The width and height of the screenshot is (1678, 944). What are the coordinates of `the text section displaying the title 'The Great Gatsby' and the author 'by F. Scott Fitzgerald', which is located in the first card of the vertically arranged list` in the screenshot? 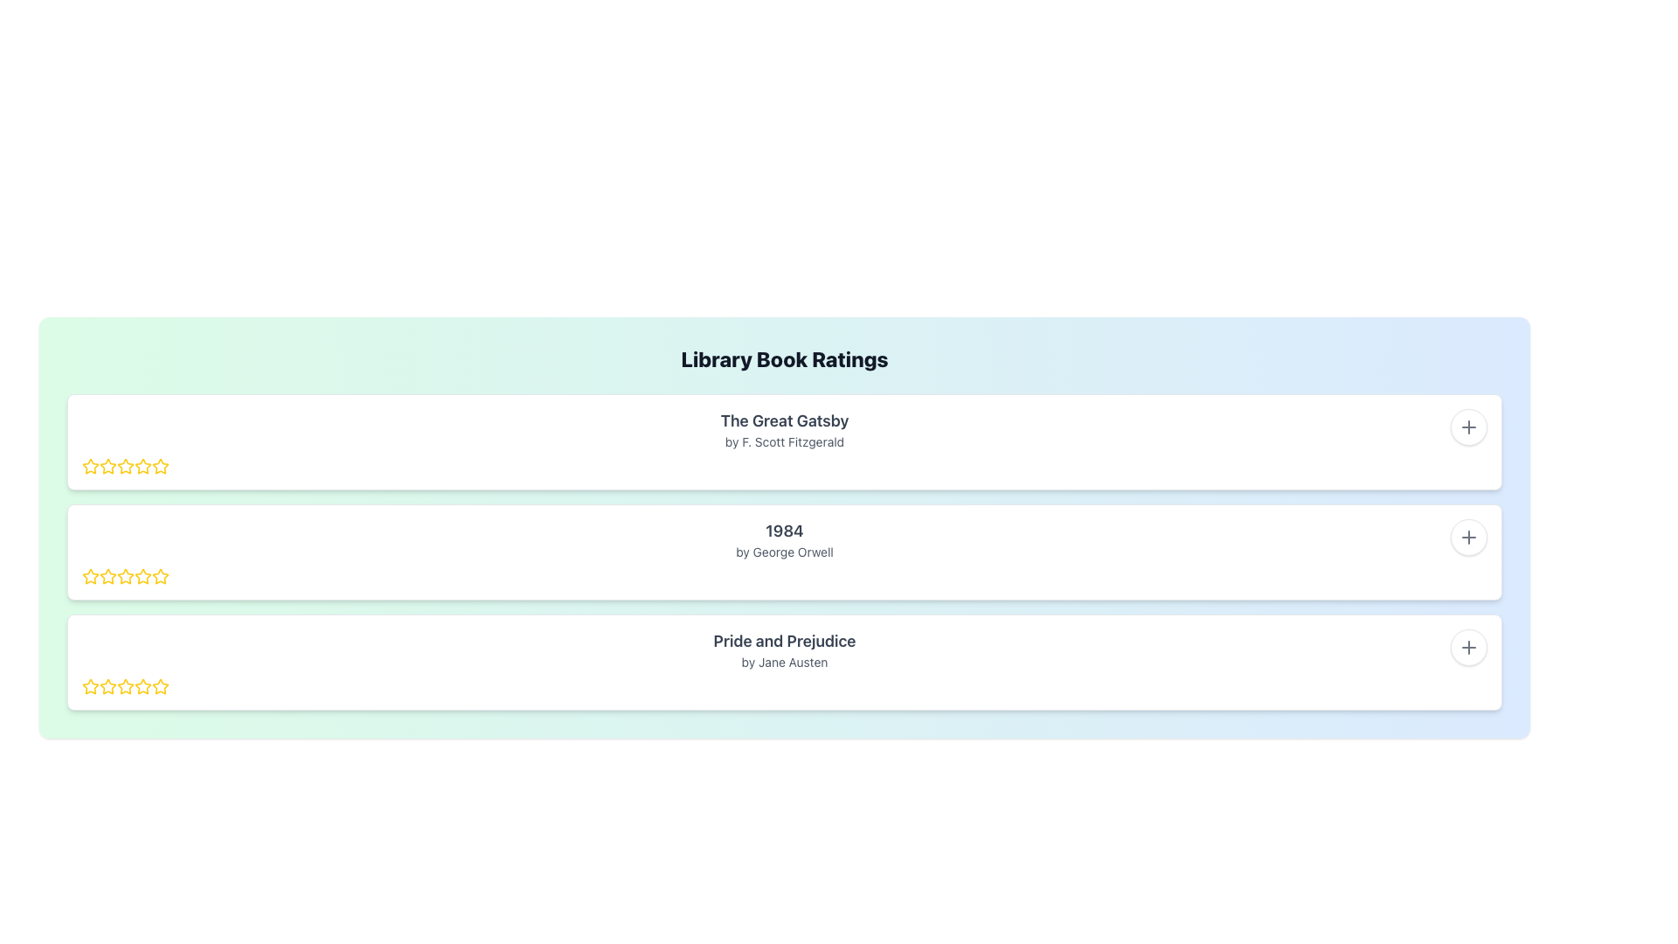 It's located at (783, 441).